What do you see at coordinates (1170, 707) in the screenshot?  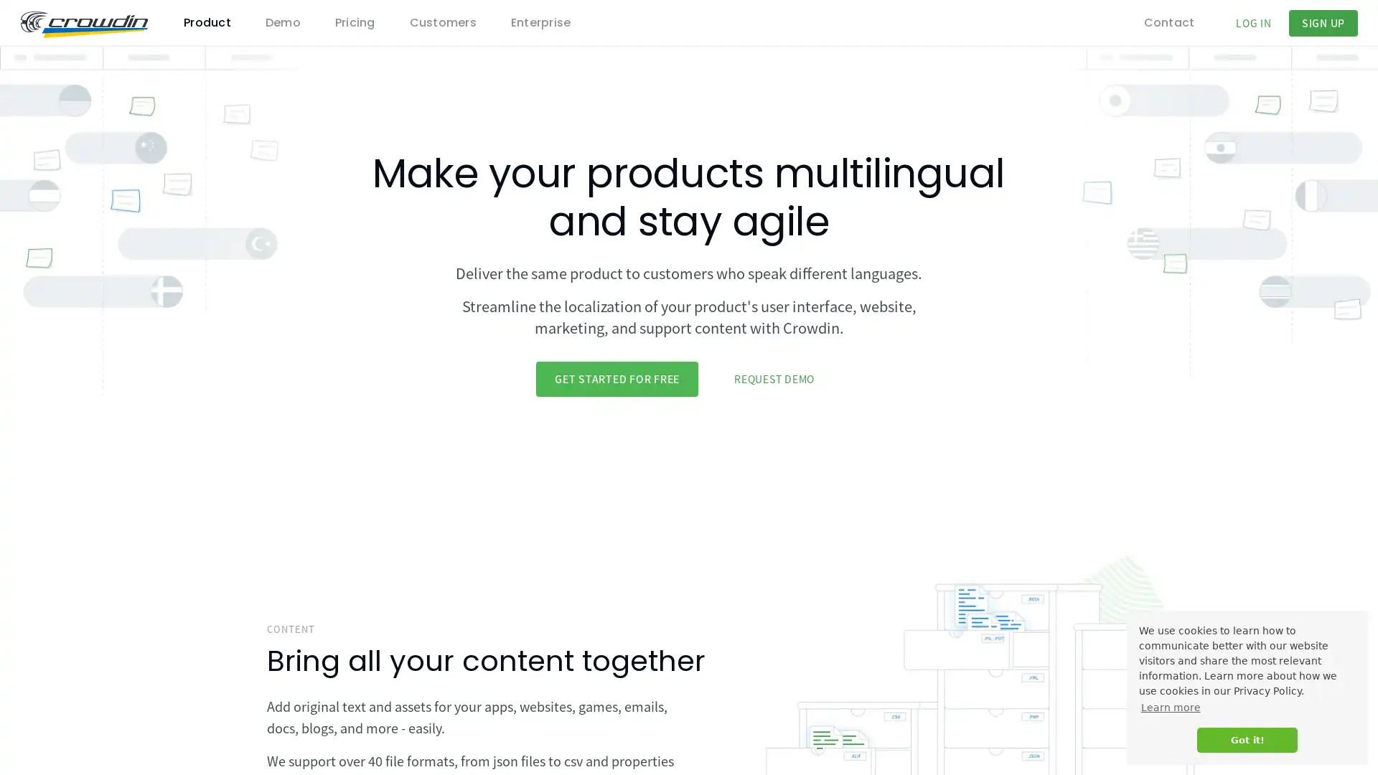 I see `learn more about cookies` at bounding box center [1170, 707].